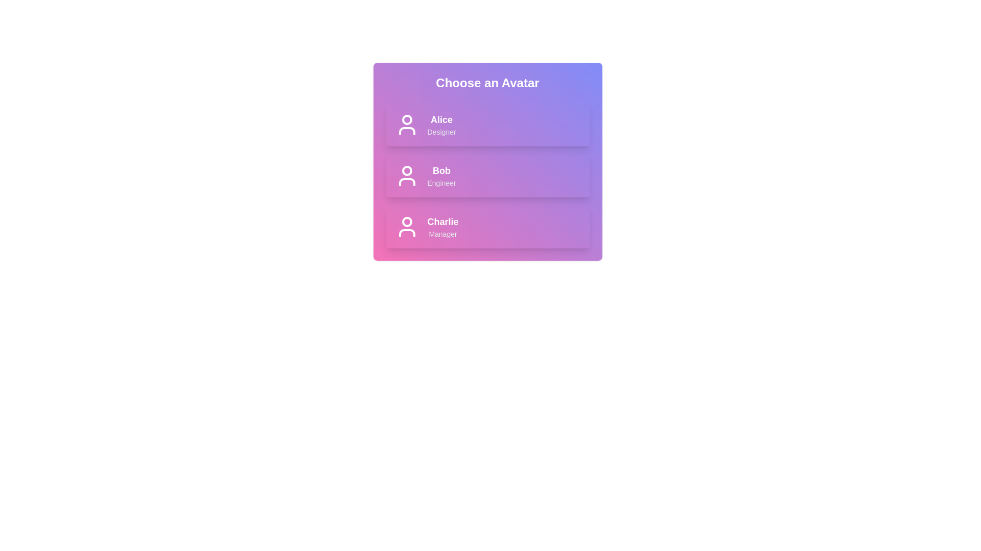 The height and width of the screenshot is (551, 981). What do you see at coordinates (406, 170) in the screenshot?
I see `the decorative SVG circle element representing the user icon in the avatar selection interface for user 'Bob', positioned centrally within the head of the user icon` at bounding box center [406, 170].